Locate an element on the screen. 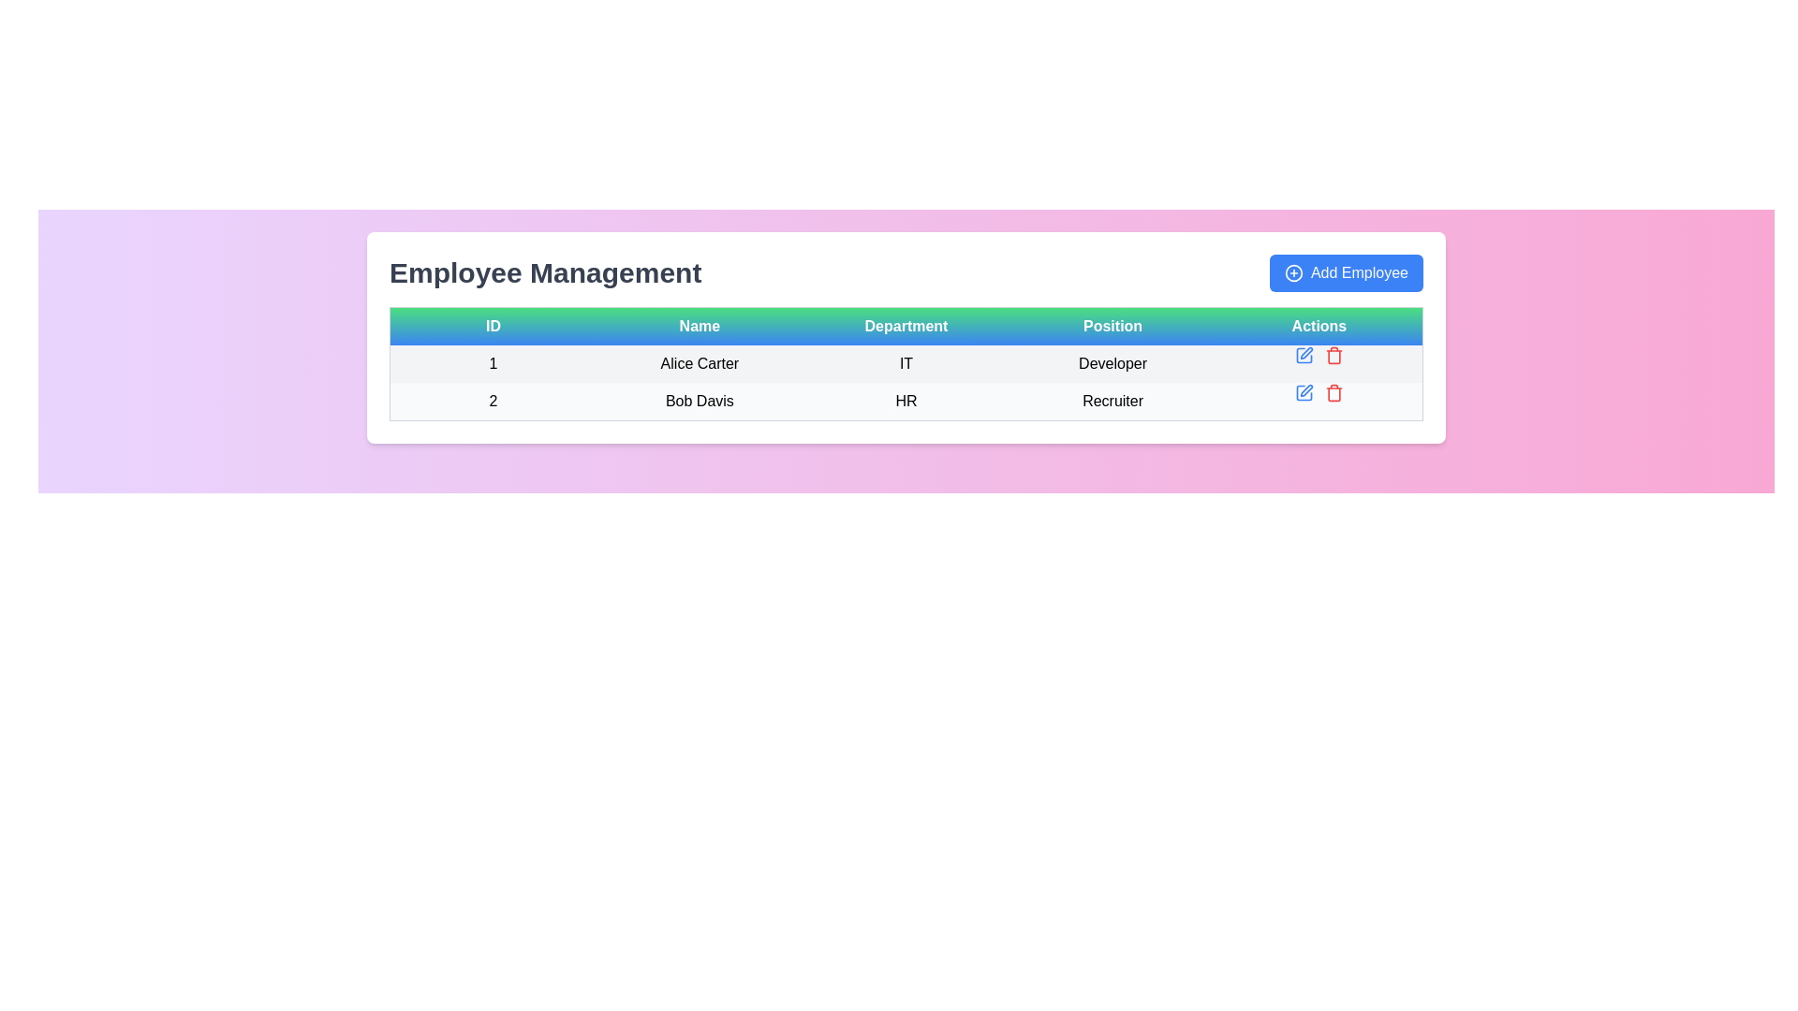 The width and height of the screenshot is (1798, 1011). text displayed in the 'Position' column for 'Alice Carter' in the table, which is located in the third column of the first row is located at coordinates (1113, 364).